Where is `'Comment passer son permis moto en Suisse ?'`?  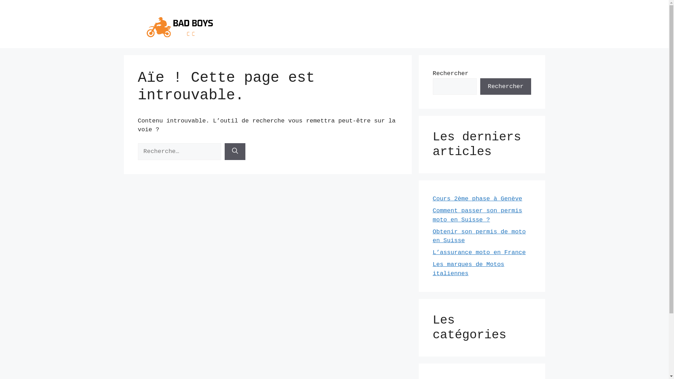
'Comment passer son permis moto en Suisse ?' is located at coordinates (477, 215).